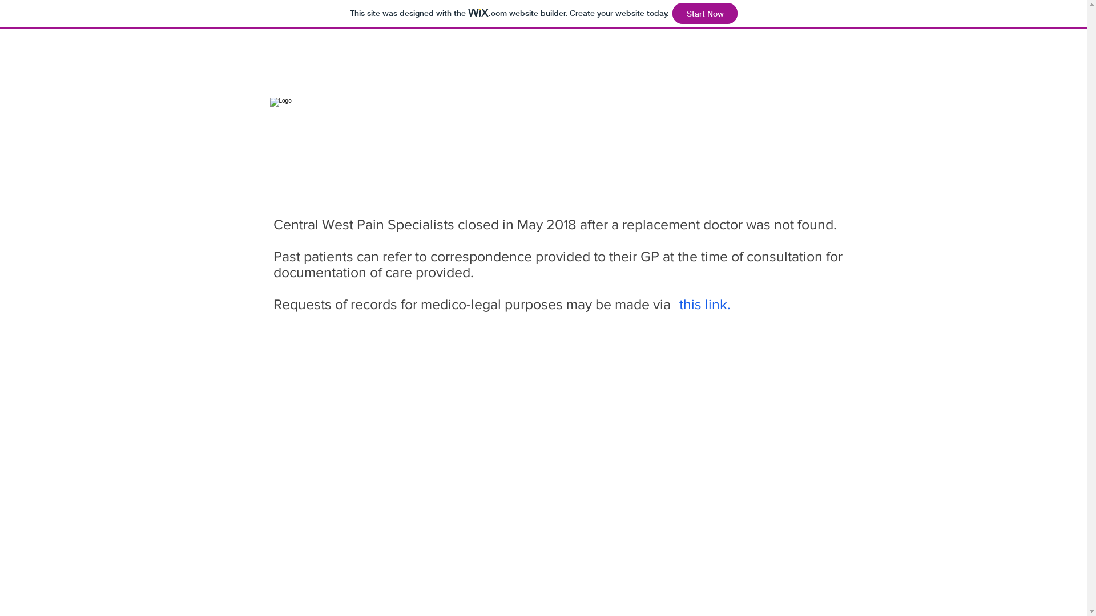  I want to click on 'this link.', so click(704, 303).